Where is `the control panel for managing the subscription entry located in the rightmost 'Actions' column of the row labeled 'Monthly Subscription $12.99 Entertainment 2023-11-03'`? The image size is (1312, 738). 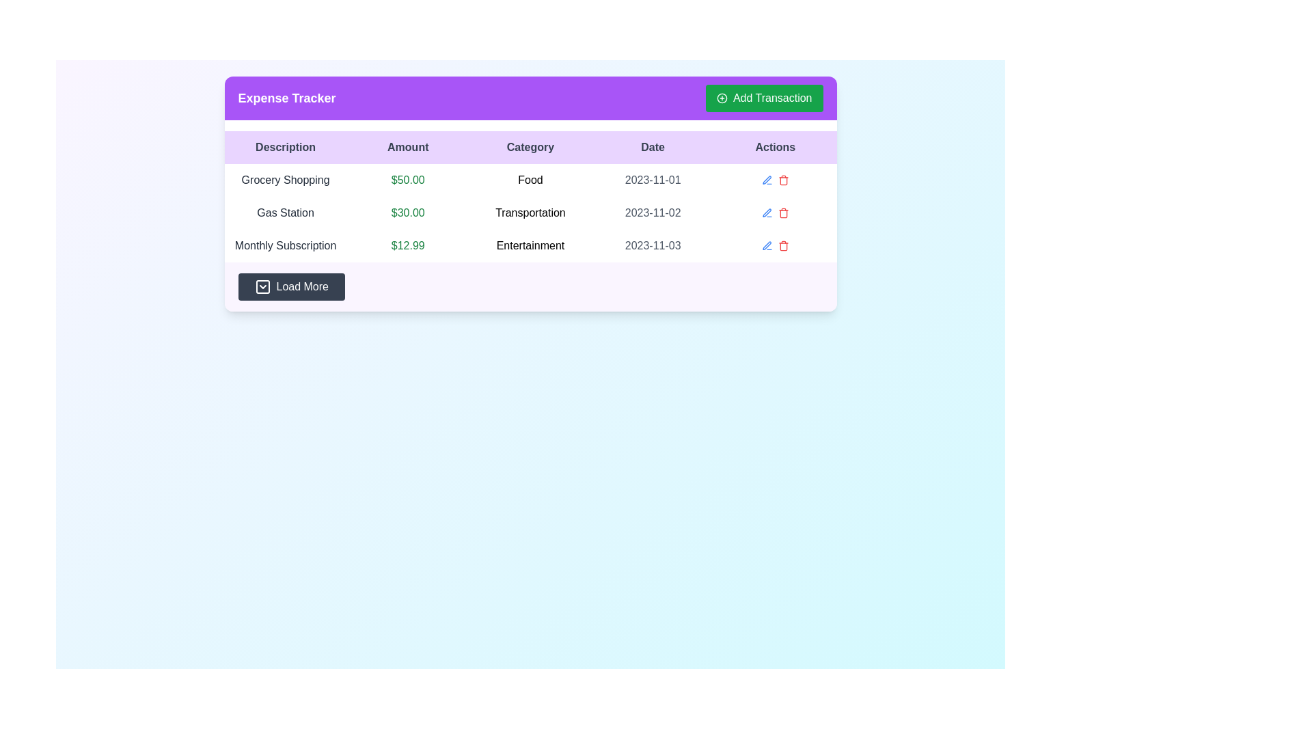
the control panel for managing the subscription entry located in the rightmost 'Actions' column of the row labeled 'Monthly Subscription $12.99 Entertainment 2023-11-03' is located at coordinates (775, 245).